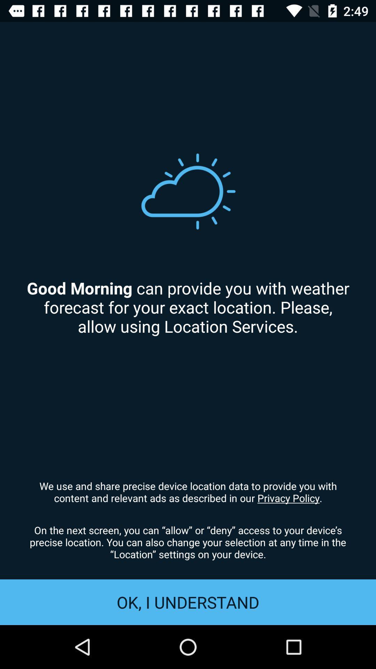 The image size is (376, 669). Describe the element at coordinates (188, 491) in the screenshot. I see `icon above on the next item` at that location.